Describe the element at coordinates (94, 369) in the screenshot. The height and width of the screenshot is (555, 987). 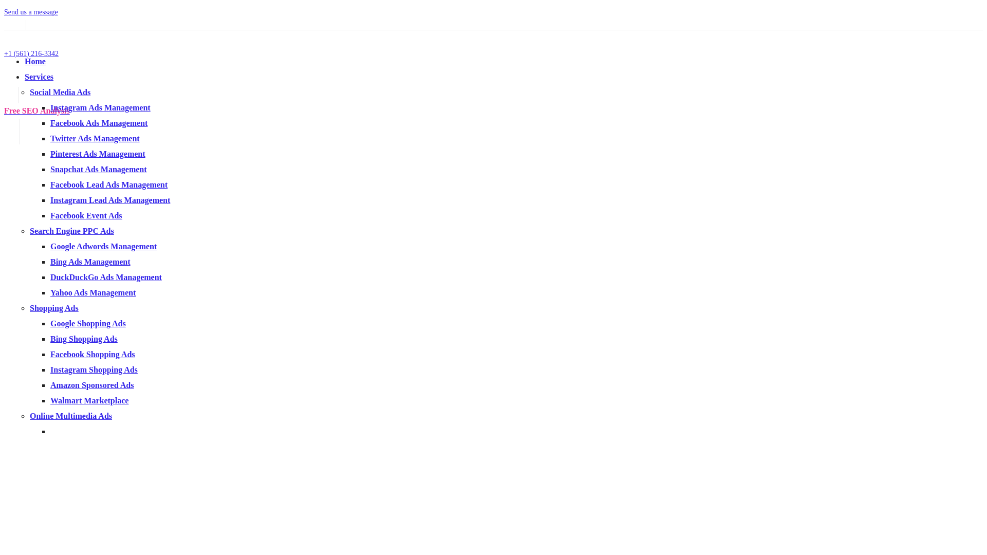
I see `'Instagram Shopping Ads'` at that location.